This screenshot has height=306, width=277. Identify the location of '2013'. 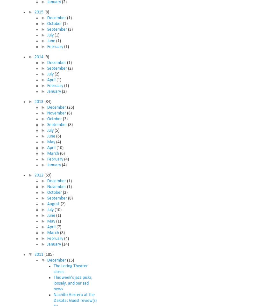
(39, 101).